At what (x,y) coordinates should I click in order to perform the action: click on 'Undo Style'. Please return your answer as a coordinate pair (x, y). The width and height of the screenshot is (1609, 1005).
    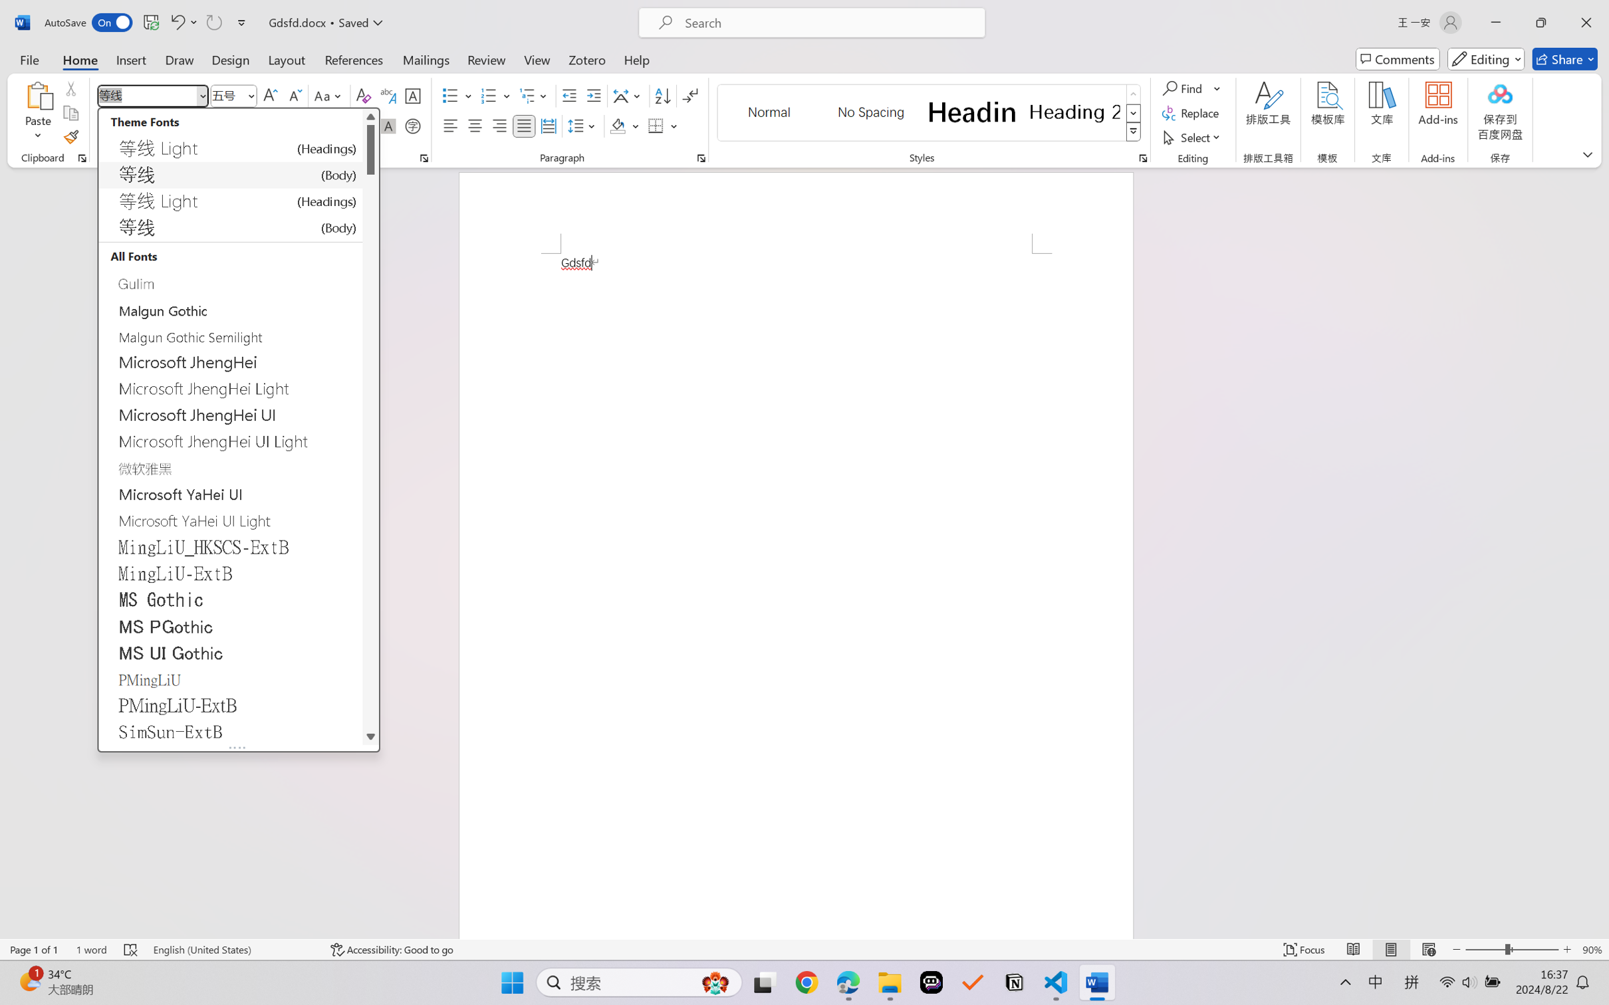
    Looking at the image, I should click on (182, 22).